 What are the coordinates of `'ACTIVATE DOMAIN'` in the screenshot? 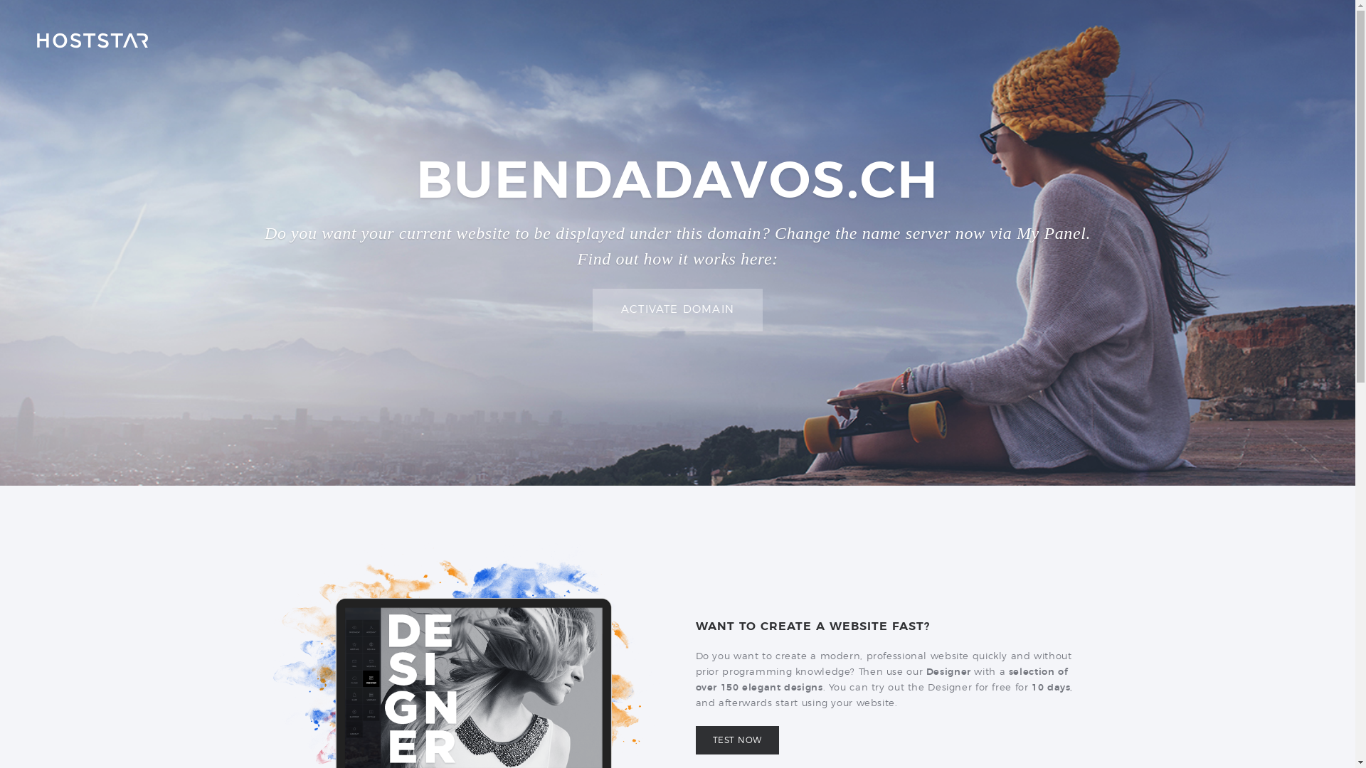 It's located at (593, 309).